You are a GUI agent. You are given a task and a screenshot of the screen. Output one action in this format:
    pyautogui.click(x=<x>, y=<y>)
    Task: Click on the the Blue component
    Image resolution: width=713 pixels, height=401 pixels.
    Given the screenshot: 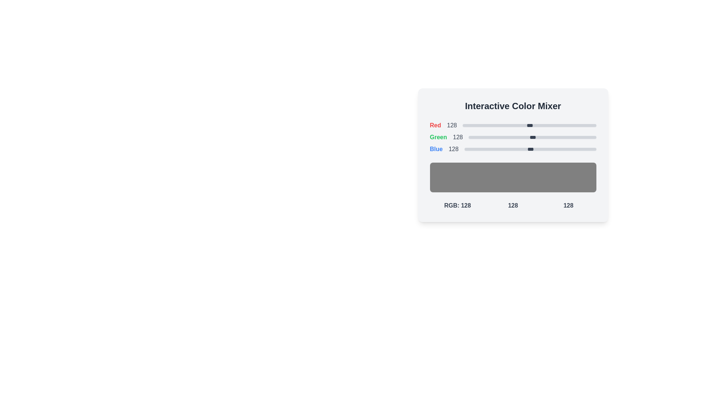 What is the action you would take?
    pyautogui.click(x=586, y=149)
    